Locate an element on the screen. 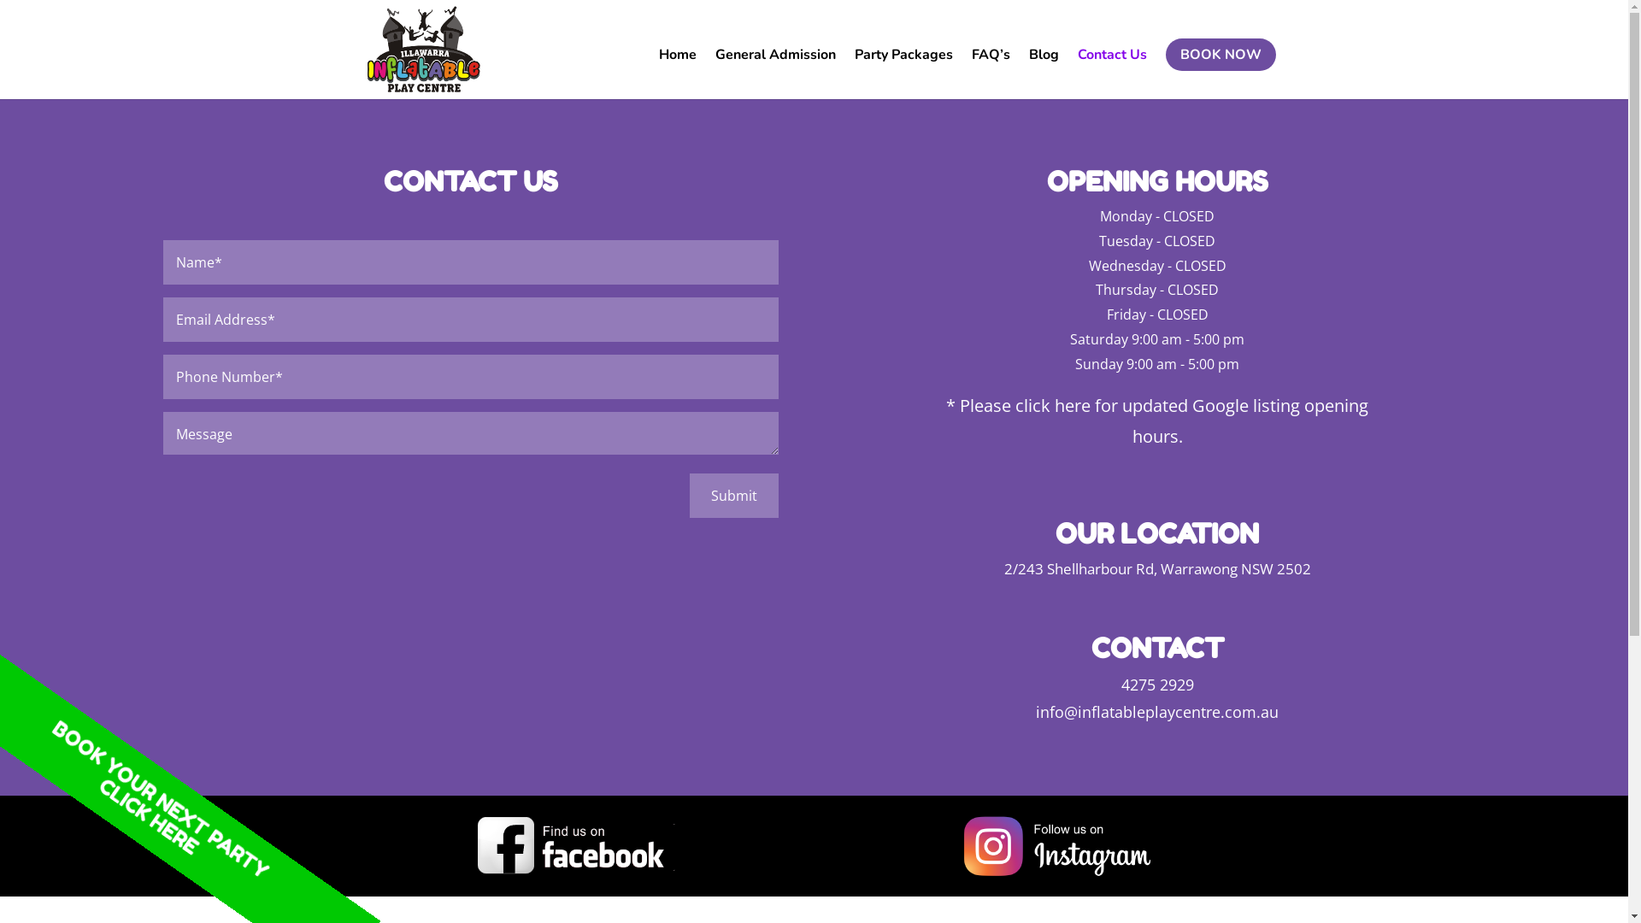 Image resolution: width=1641 pixels, height=923 pixels. 'General Admission' is located at coordinates (714, 73).